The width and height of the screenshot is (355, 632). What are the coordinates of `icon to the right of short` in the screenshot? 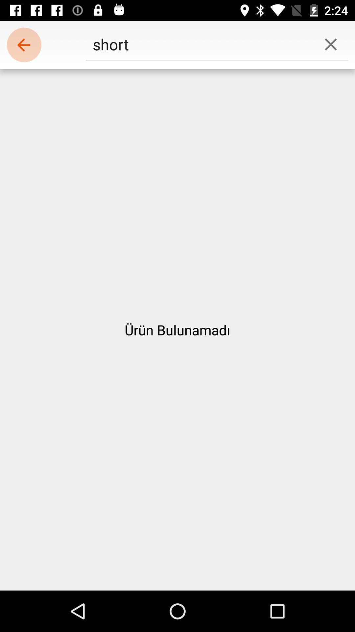 It's located at (331, 44).